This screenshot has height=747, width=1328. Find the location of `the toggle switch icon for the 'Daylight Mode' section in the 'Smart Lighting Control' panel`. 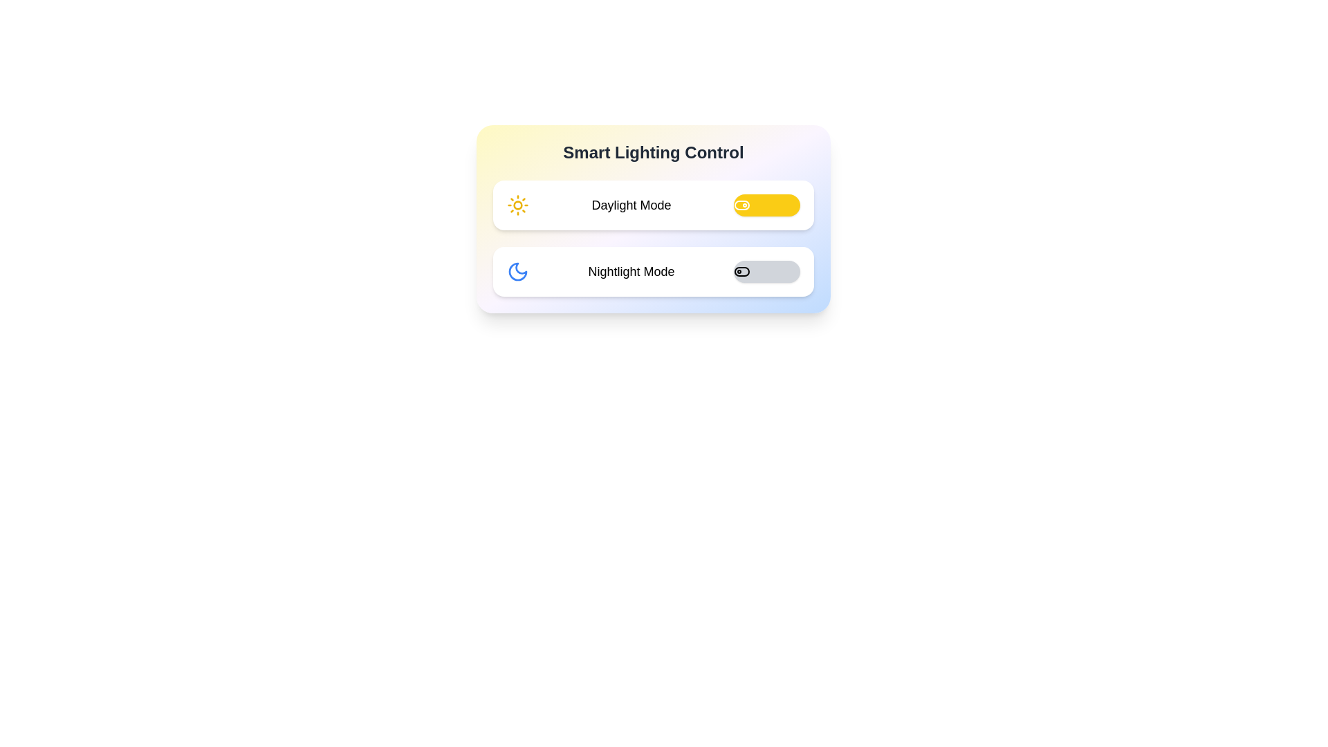

the toggle switch icon for the 'Daylight Mode' section in the 'Smart Lighting Control' panel is located at coordinates (741, 205).